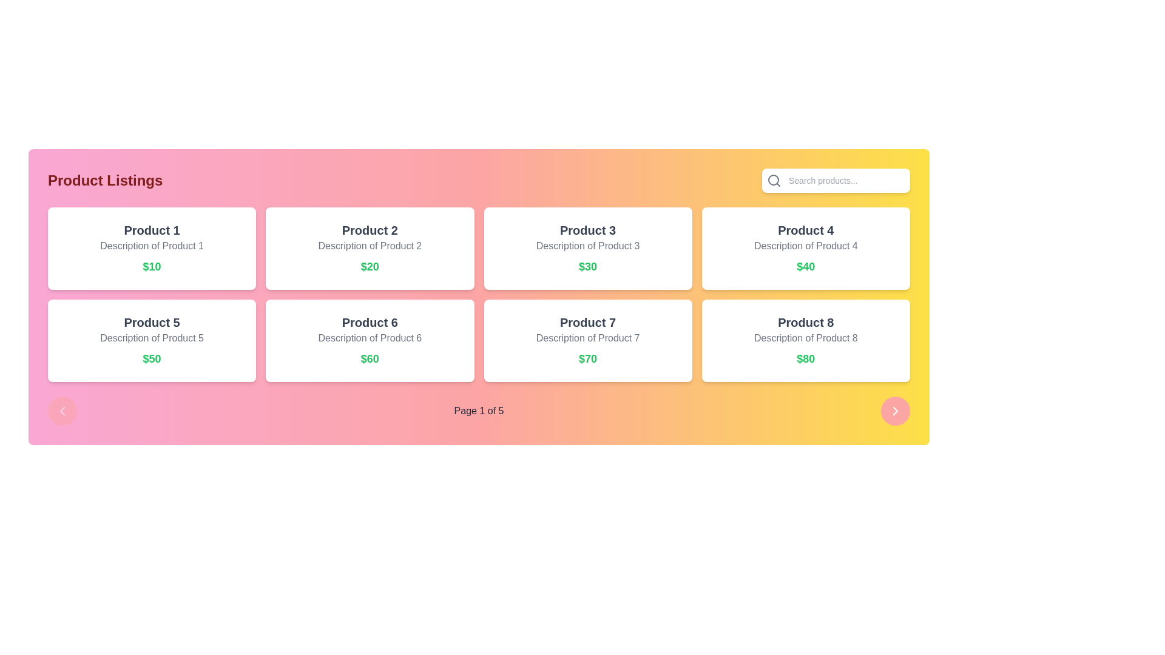  I want to click on the text label displaying 'Description of Product 6', which is centrally located in the product display card, below the title 'Product 6' and above the price label '$60', so click(369, 338).